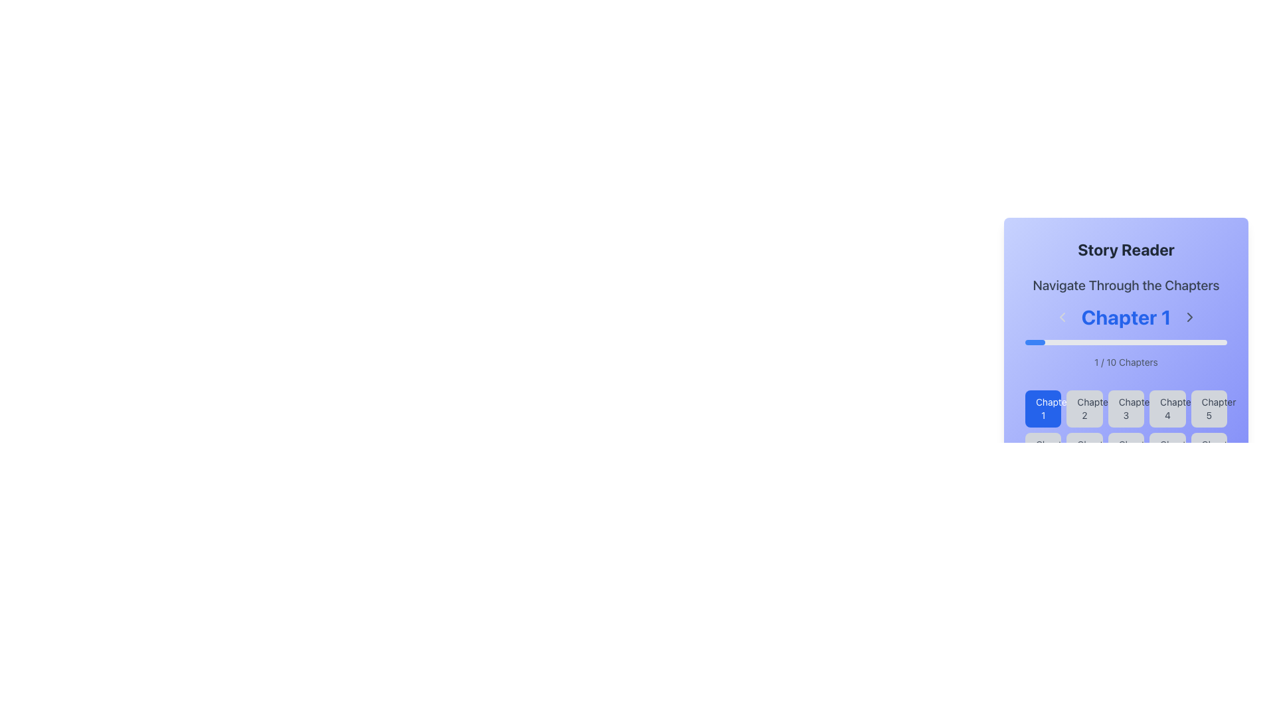 The image size is (1275, 717). Describe the element at coordinates (1125, 249) in the screenshot. I see `the main header text label indicating 'Story Reader', which serves as the title for the surrounding content` at that location.